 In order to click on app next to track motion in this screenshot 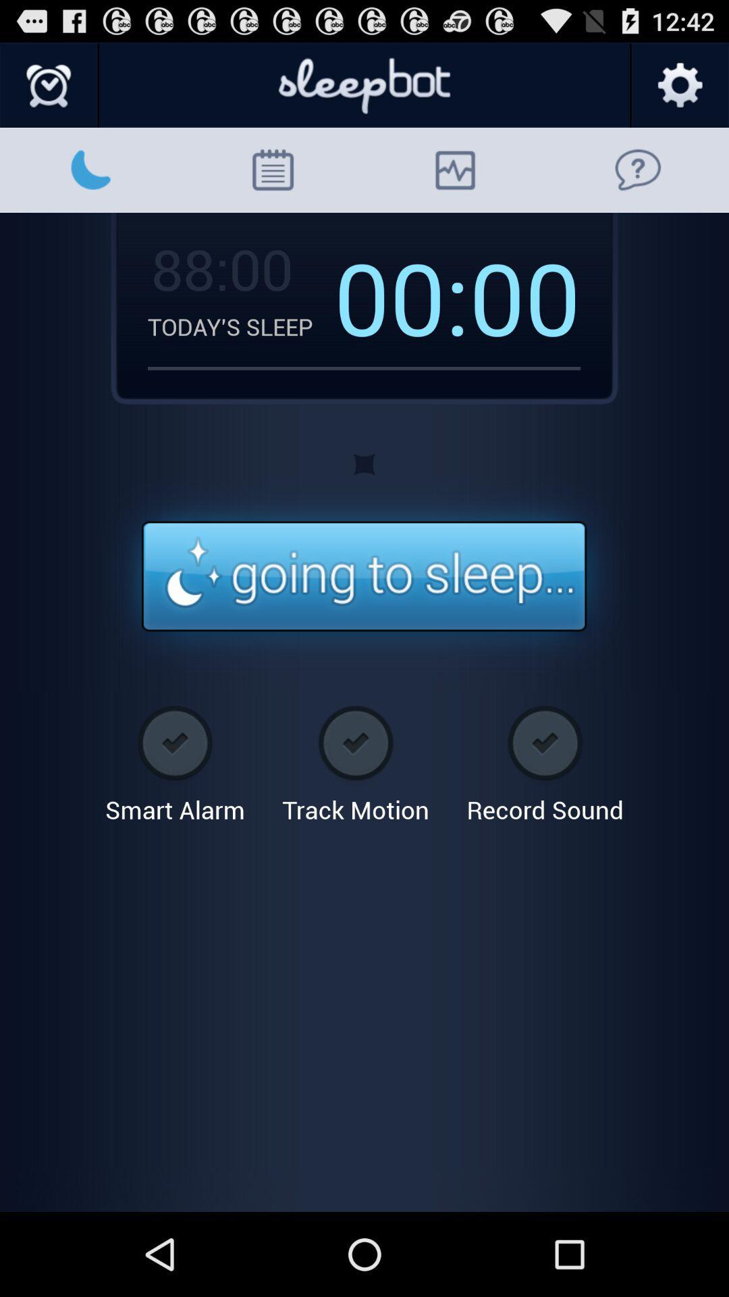, I will do `click(544, 759)`.